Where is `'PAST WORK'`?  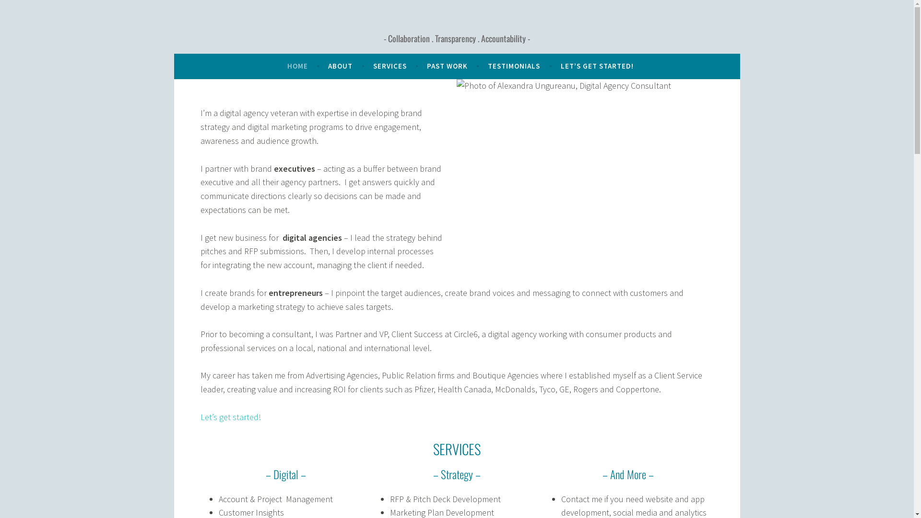
'PAST WORK' is located at coordinates (426, 66).